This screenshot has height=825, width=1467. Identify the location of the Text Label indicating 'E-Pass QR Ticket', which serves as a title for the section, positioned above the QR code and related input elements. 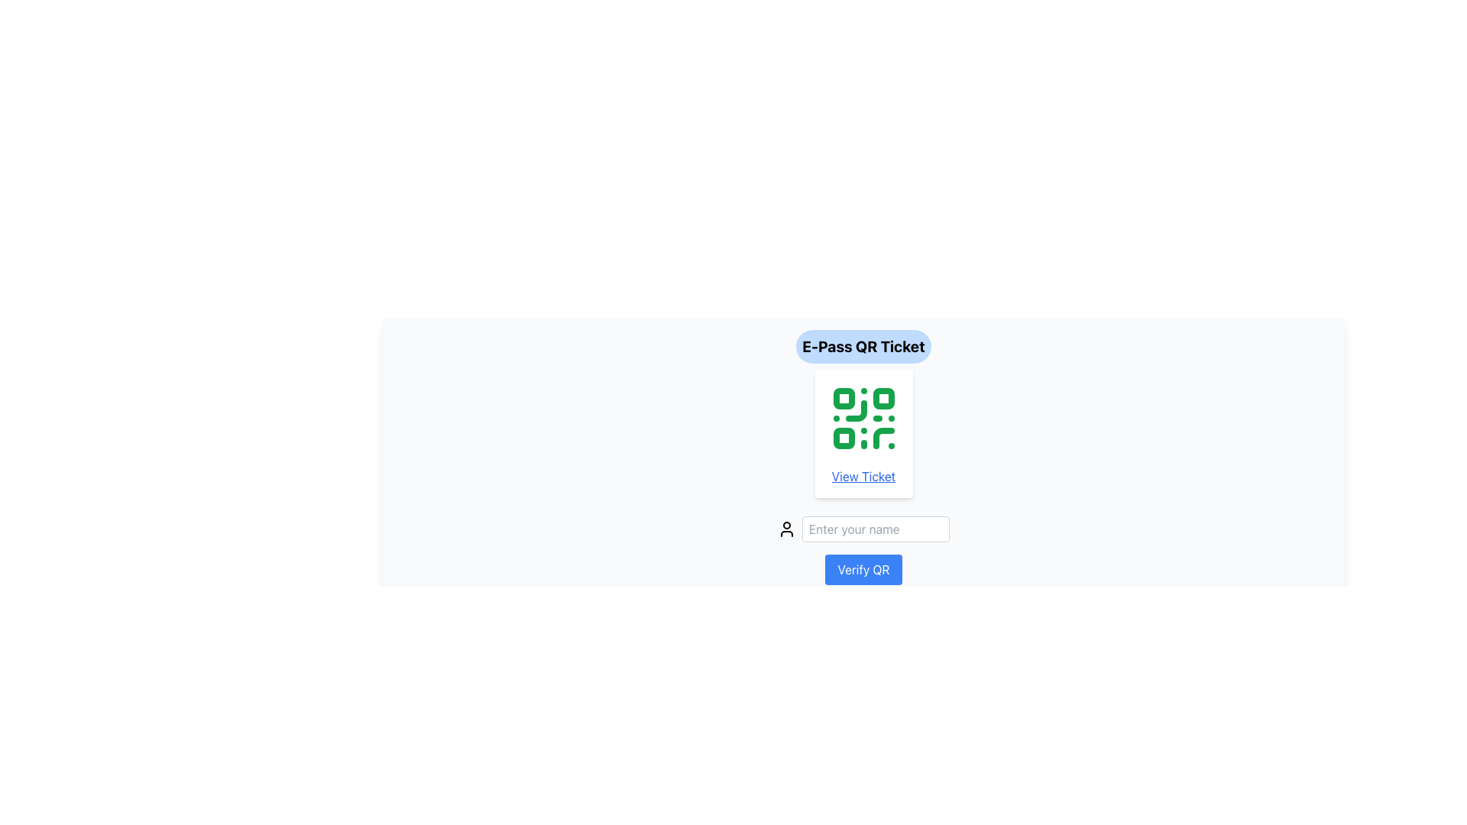
(863, 347).